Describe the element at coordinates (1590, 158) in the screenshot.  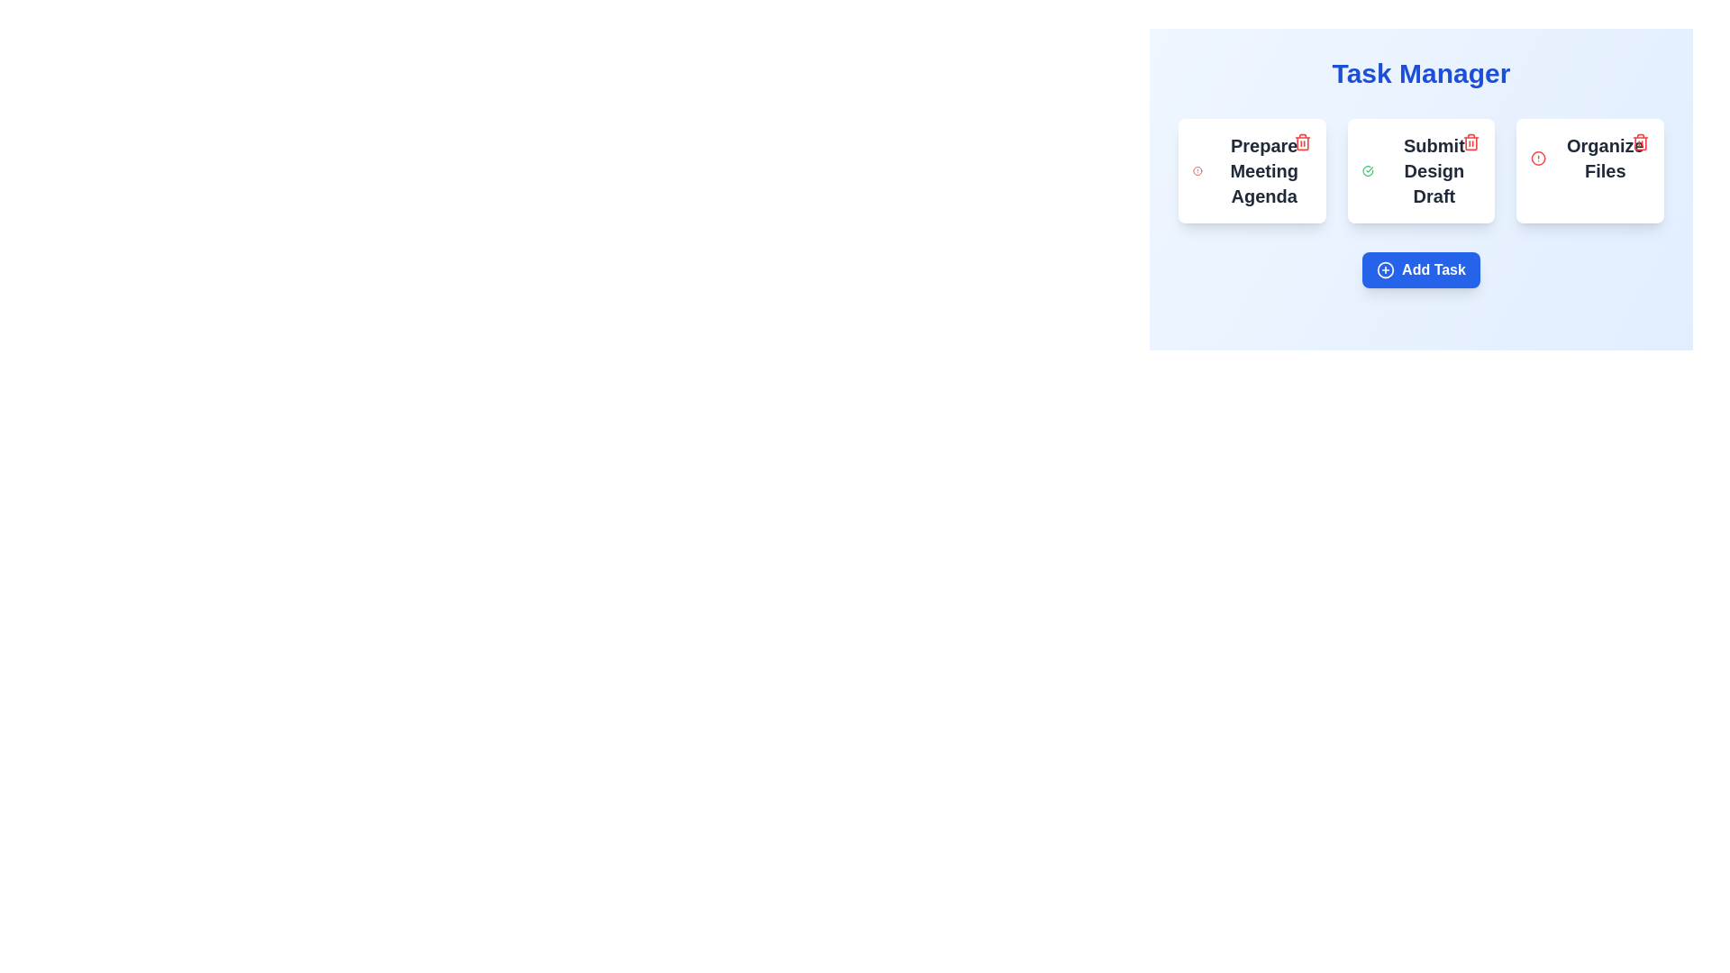
I see `task information from the card component labeled 'Organize Files', which features a bold text style and is positioned as the last card in a row of task cards within the Task Manager interface` at that location.